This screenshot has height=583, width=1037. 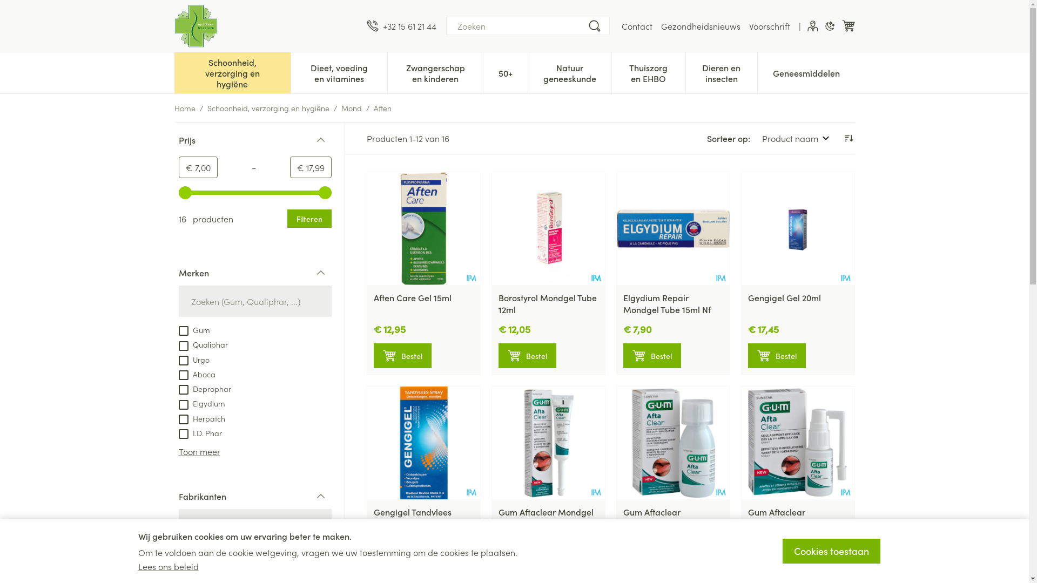 I want to click on 'Donkere modus', so click(x=829, y=25).